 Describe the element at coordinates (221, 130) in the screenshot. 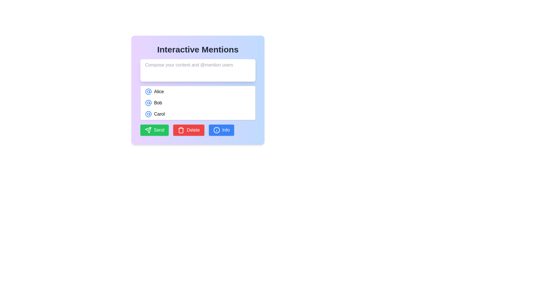

I see `the third button located at the bottom of the interface, which is positioned to the right of the red 'Delete' button and the green 'Send' button` at that location.